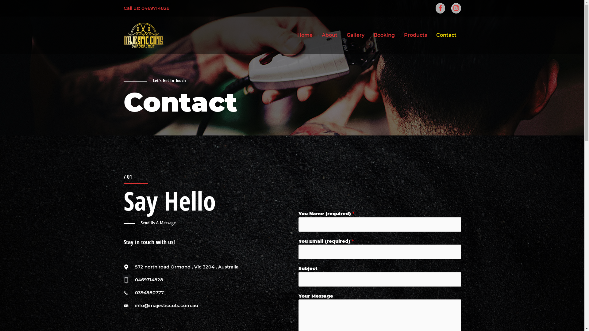 Image resolution: width=589 pixels, height=331 pixels. What do you see at coordinates (415, 35) in the screenshot?
I see `'Products'` at bounding box center [415, 35].